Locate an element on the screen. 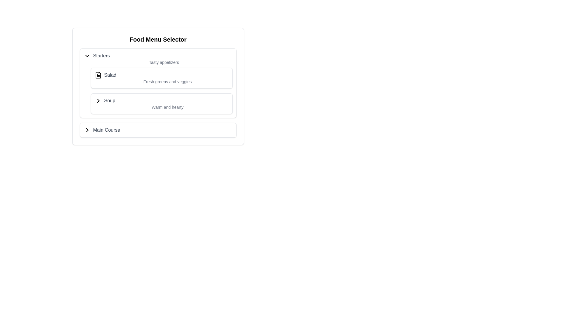 The image size is (572, 321). the 'Main Course' text label, which is styled in dark gray and indicates a collapsible menu item adjacent to a chevron icon is located at coordinates (106, 130).